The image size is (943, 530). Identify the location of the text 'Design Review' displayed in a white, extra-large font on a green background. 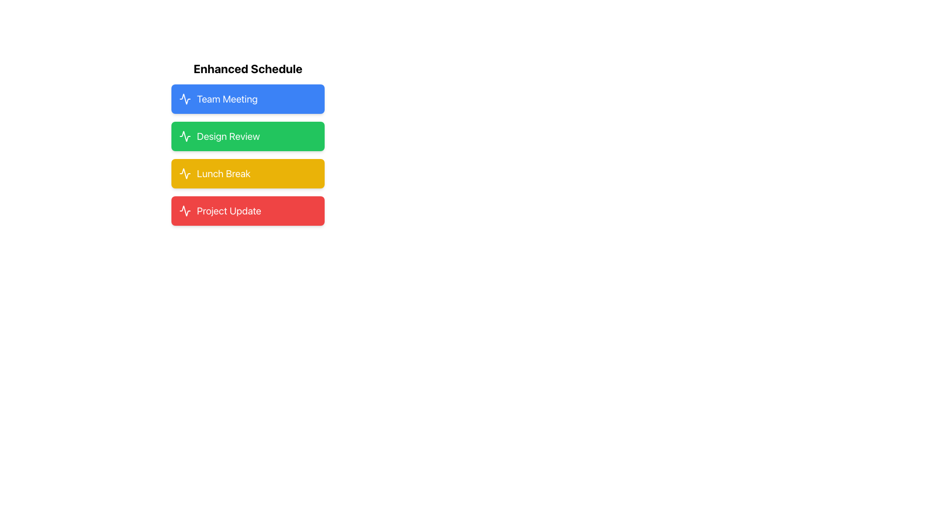
(228, 136).